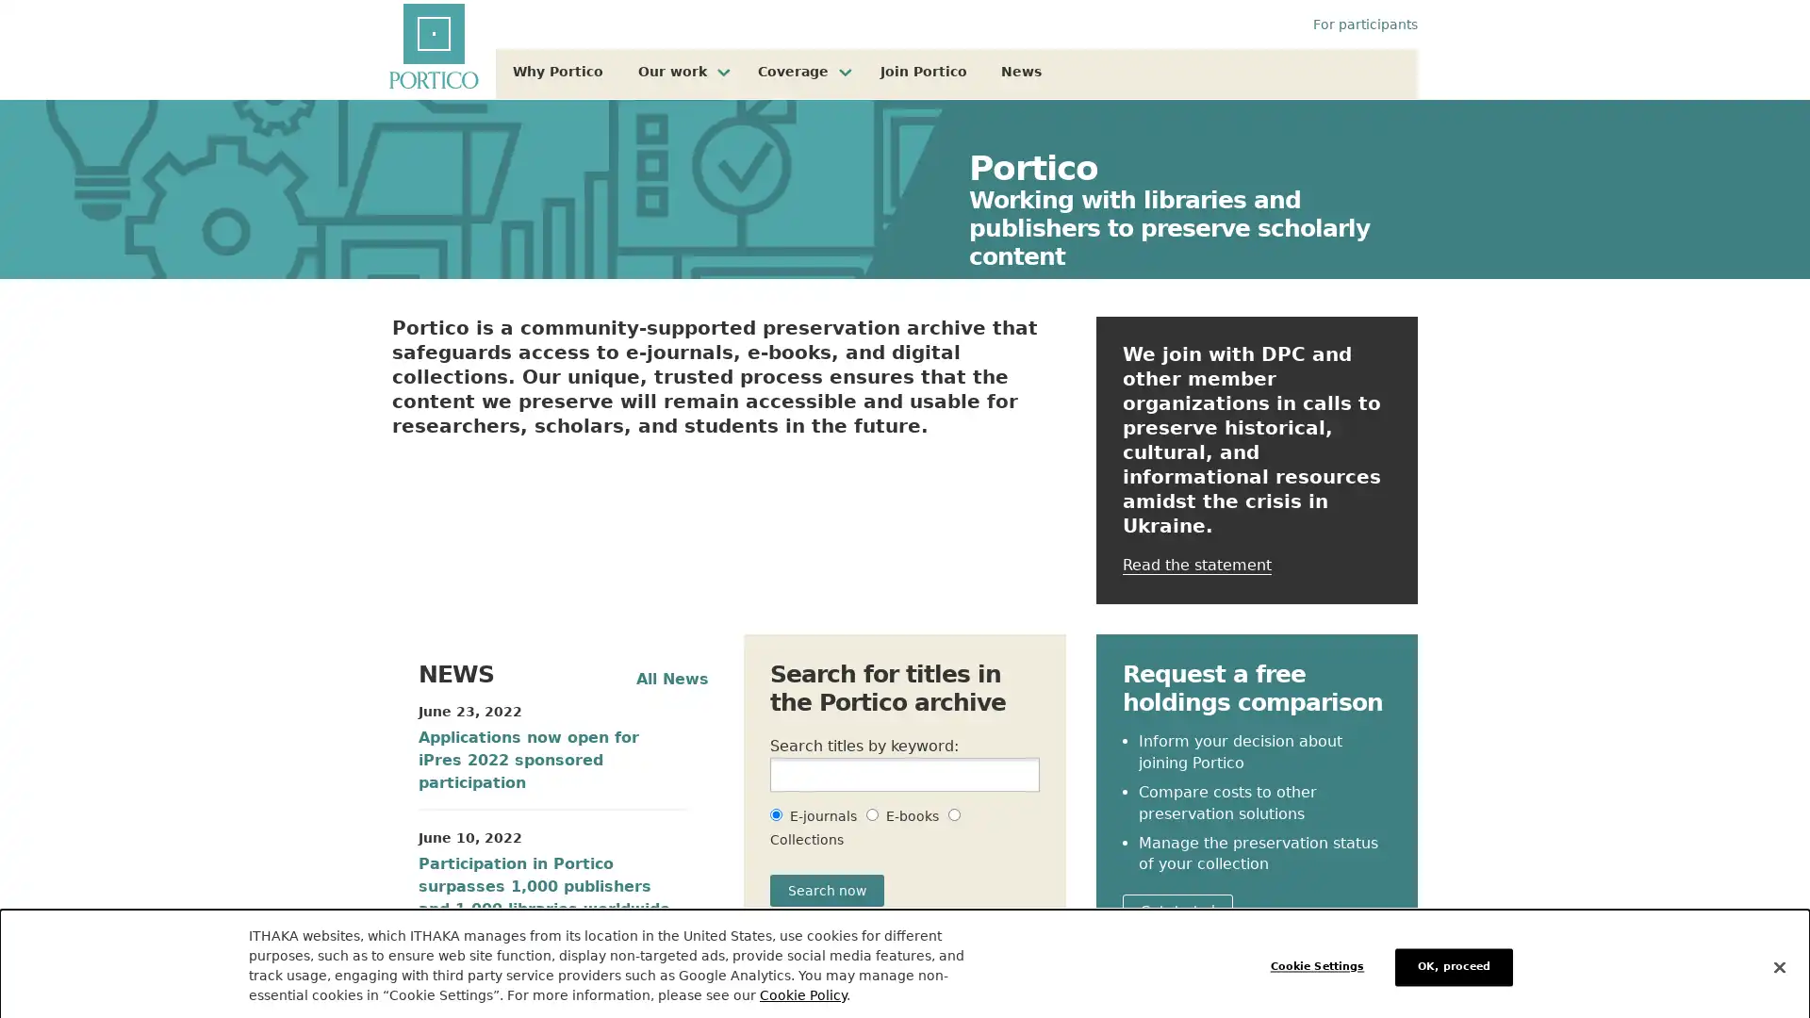  I want to click on Cookie Settings, so click(1321, 957).